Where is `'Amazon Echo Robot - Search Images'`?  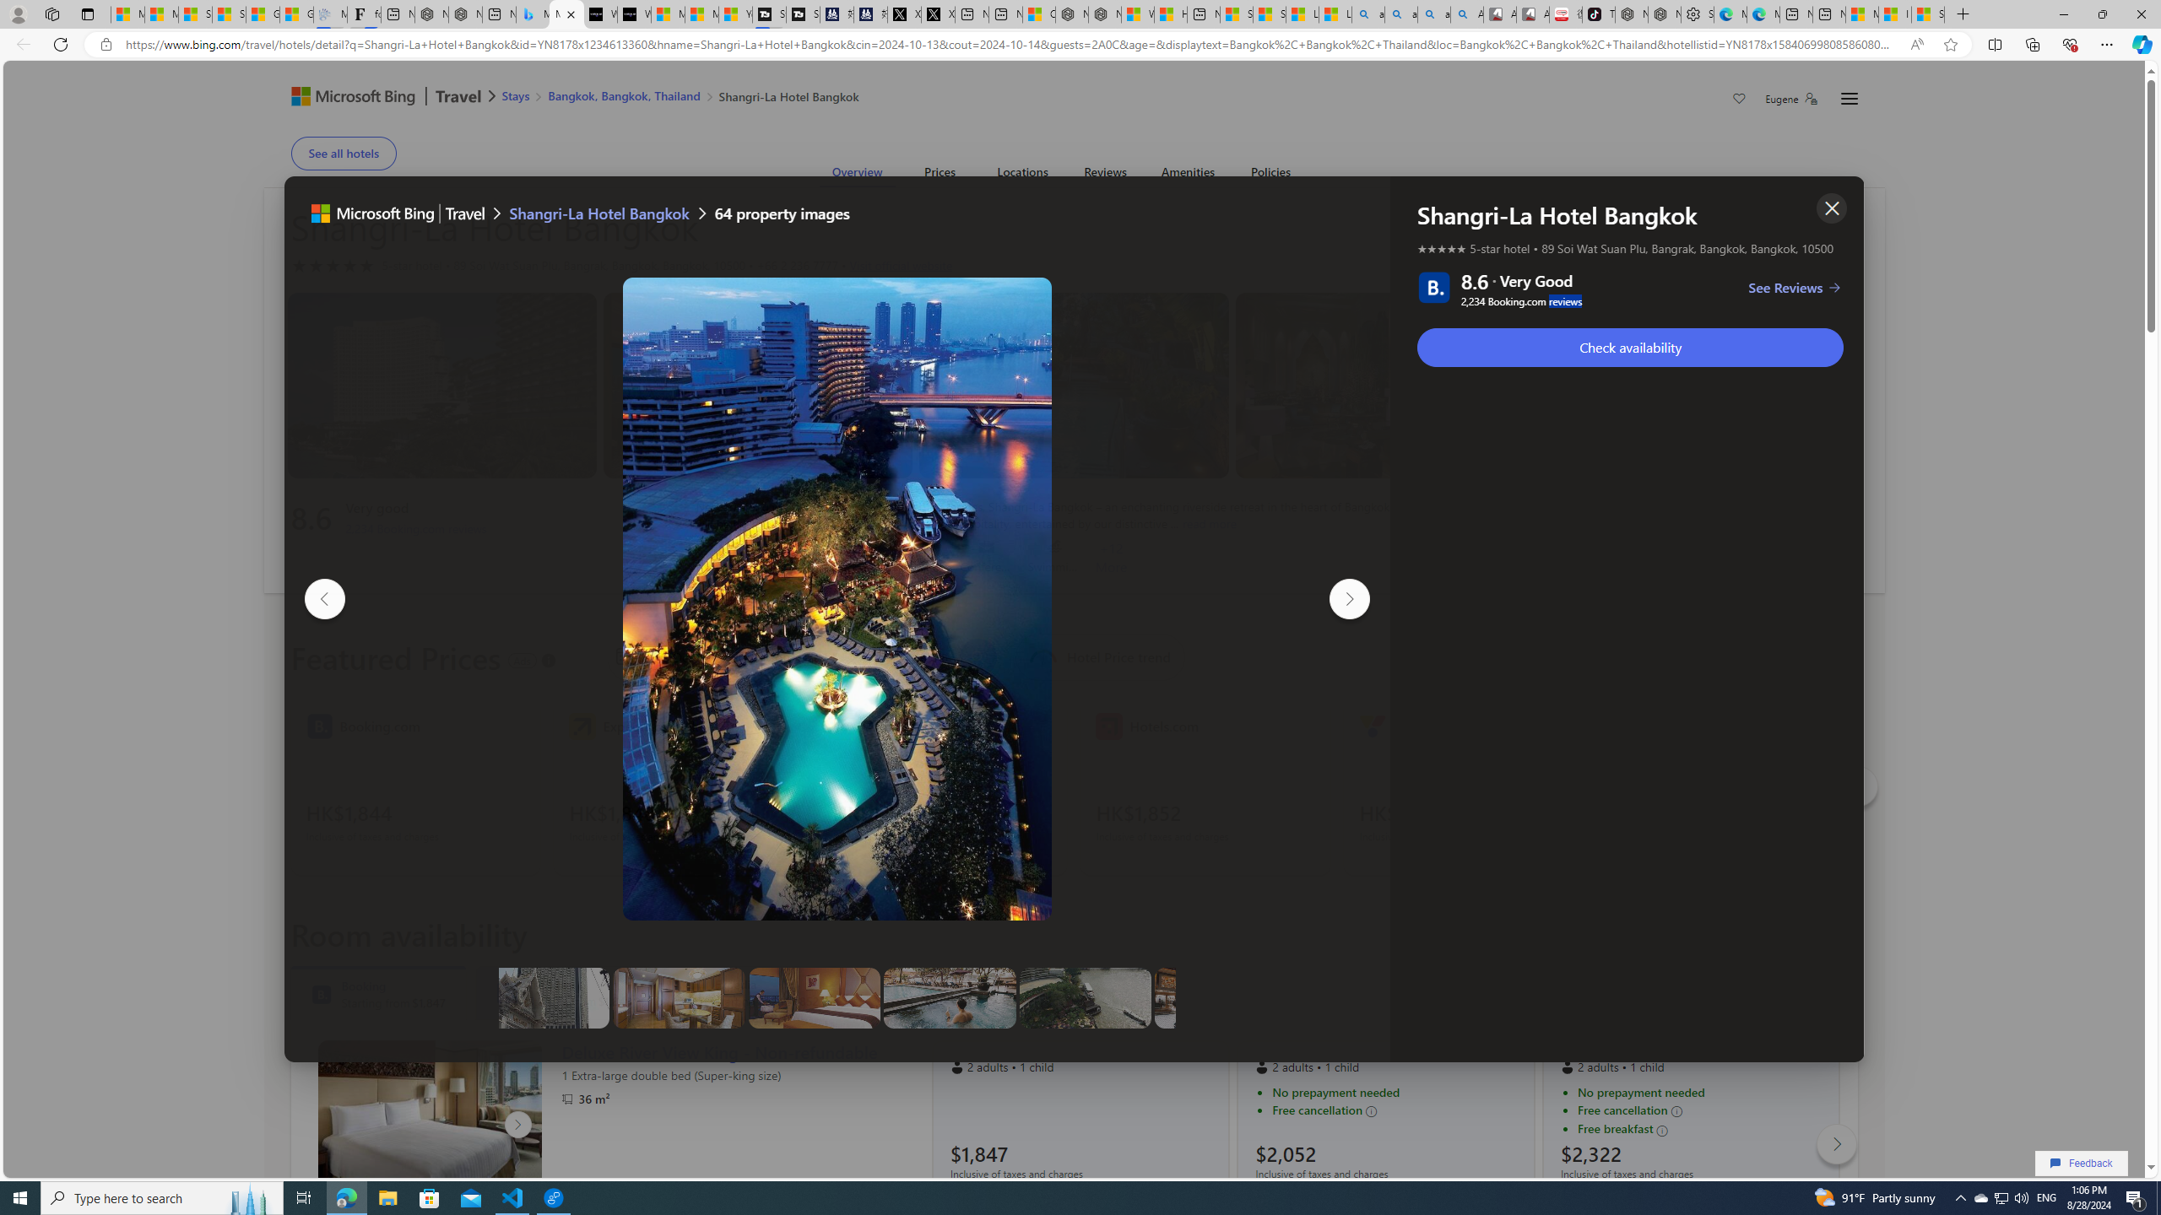 'Amazon Echo Robot - Search Images' is located at coordinates (1466, 13).